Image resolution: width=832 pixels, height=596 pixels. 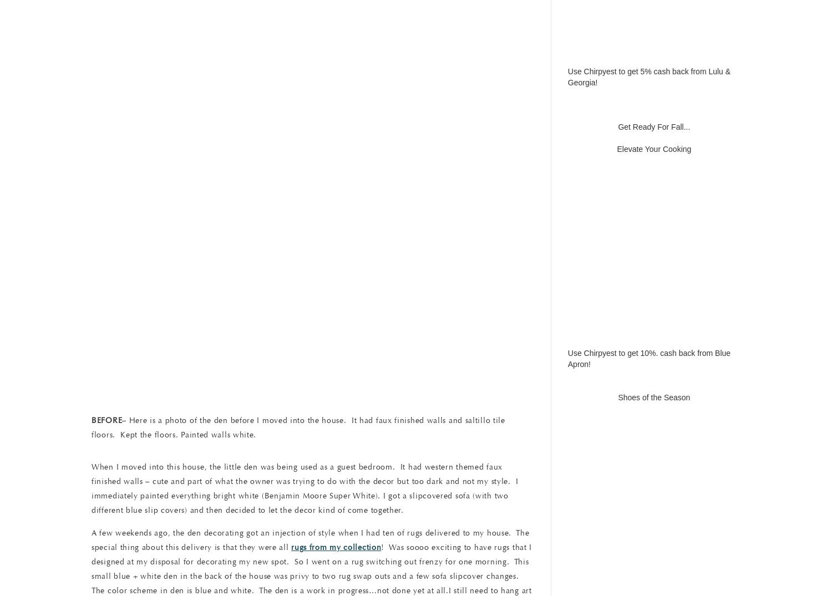 What do you see at coordinates (298, 427) in the screenshot?
I see `'– Here is a photo of the den before I moved into the house.  It had faux finished walls and saltillo tile floors.  Kept the floors. Painted walls white.'` at bounding box center [298, 427].